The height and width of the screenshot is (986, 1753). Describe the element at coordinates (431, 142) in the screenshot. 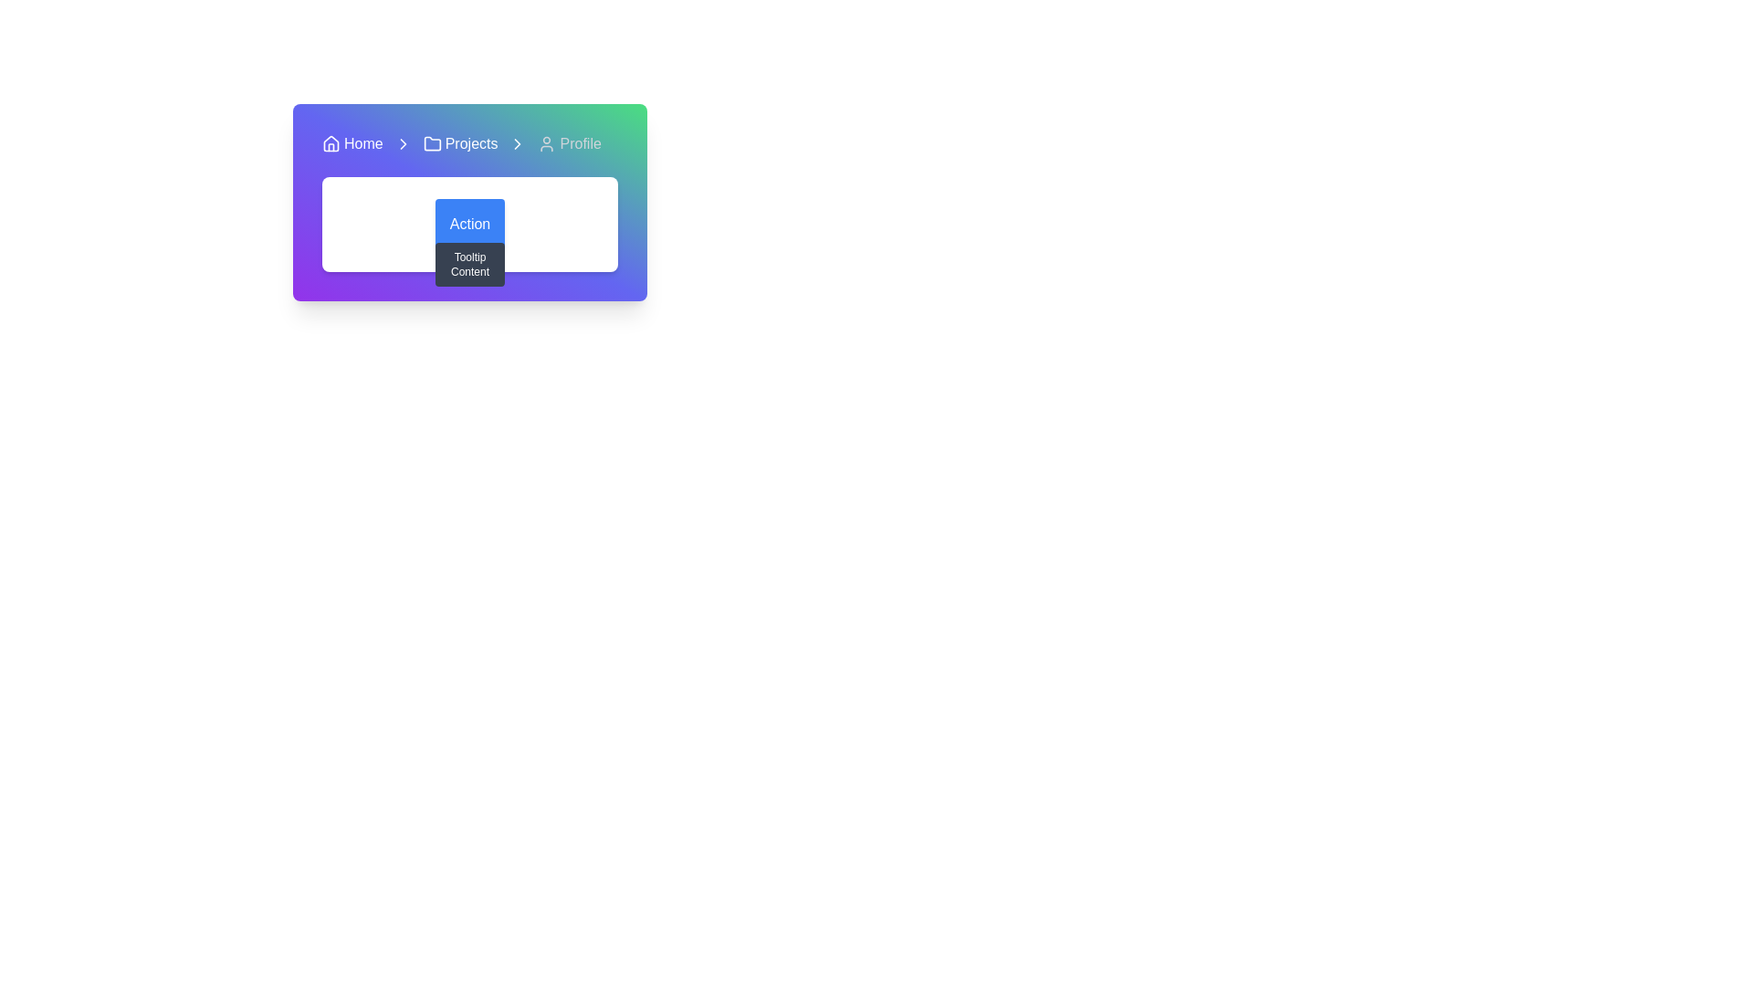

I see `the folder-shaped icon with a blue outline located in the navigation bar, immediately to the left of the 'Projects' text` at that location.